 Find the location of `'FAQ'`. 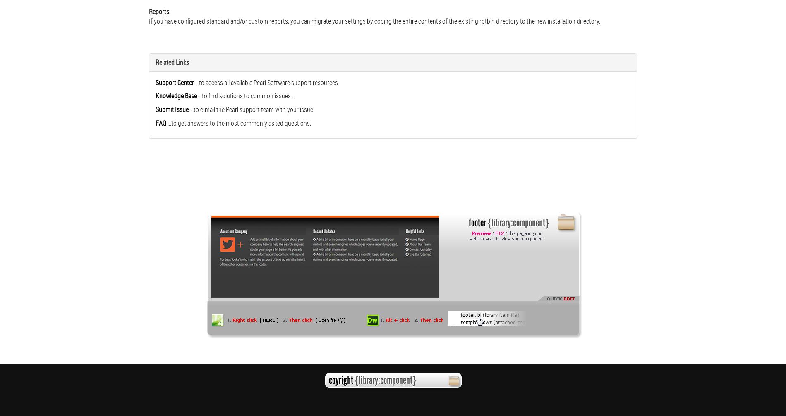

'FAQ' is located at coordinates (155, 123).